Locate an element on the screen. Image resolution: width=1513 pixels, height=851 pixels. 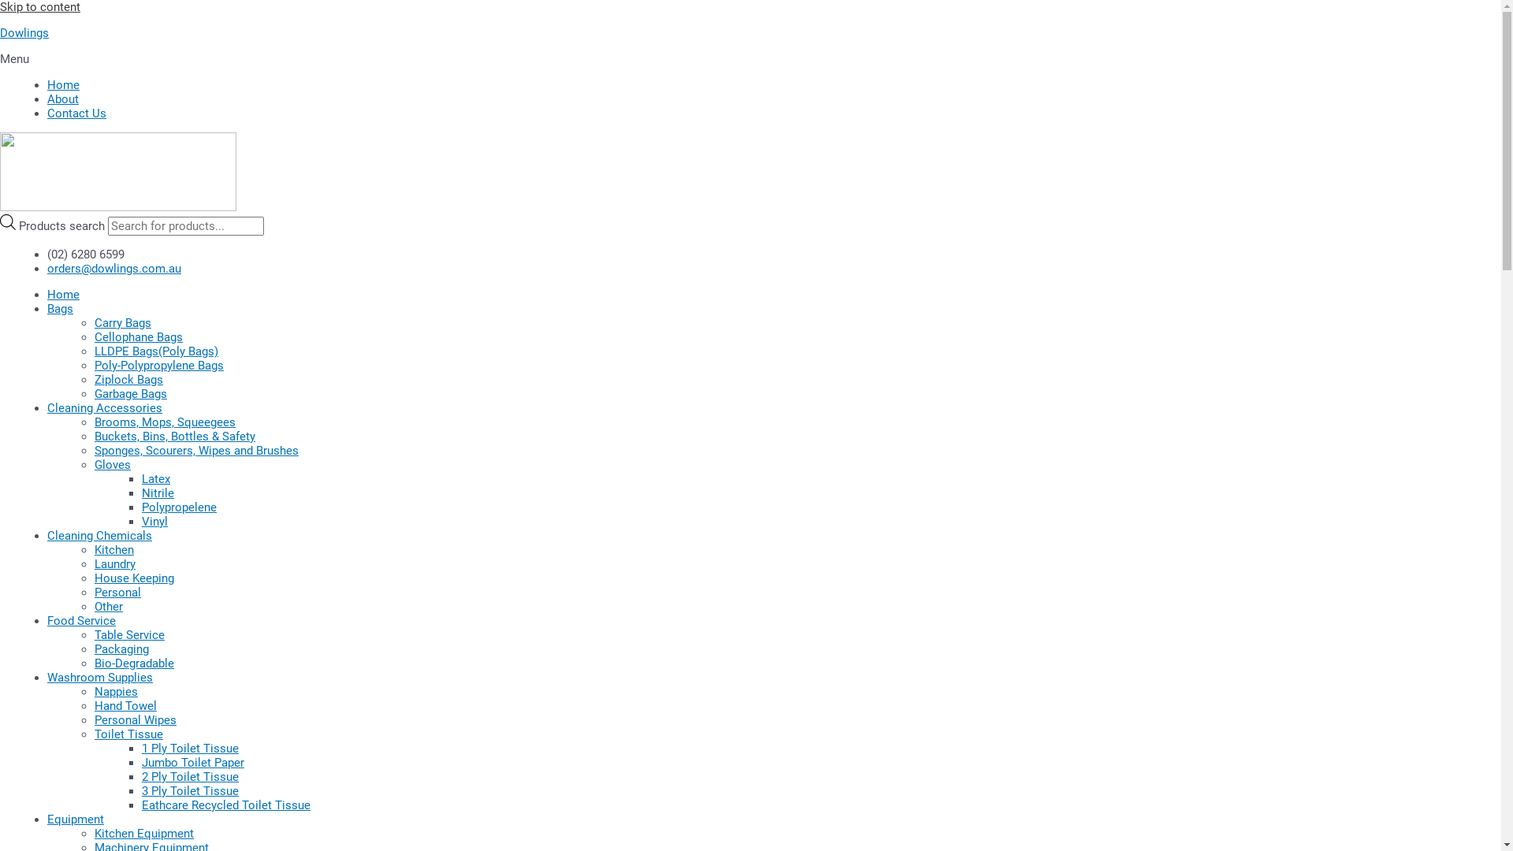
'Sponges, Scourers, Wipes and Brushes' is located at coordinates (195, 450).